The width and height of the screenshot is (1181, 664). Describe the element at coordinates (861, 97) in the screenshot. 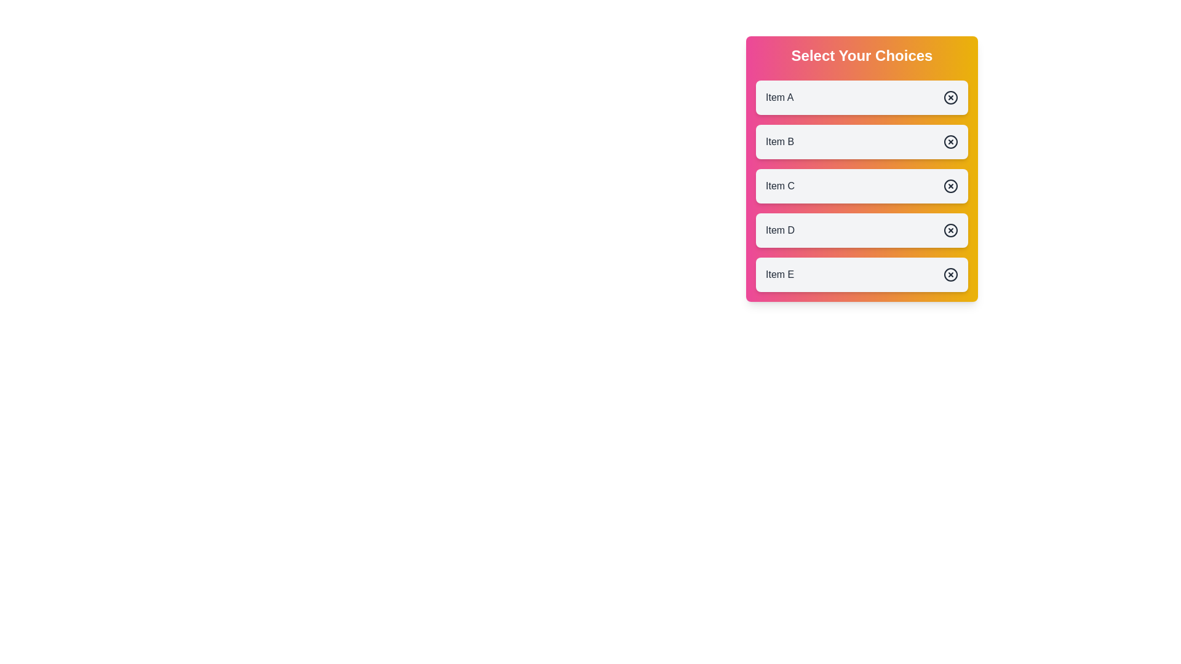

I see `the button labeled Item A to observe the animation` at that location.